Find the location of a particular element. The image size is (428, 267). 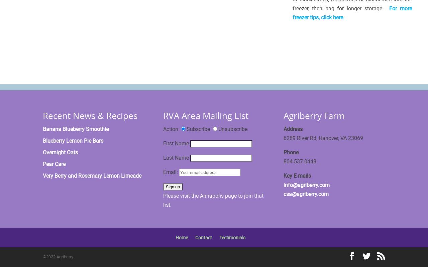

'Email:' is located at coordinates (171, 172).